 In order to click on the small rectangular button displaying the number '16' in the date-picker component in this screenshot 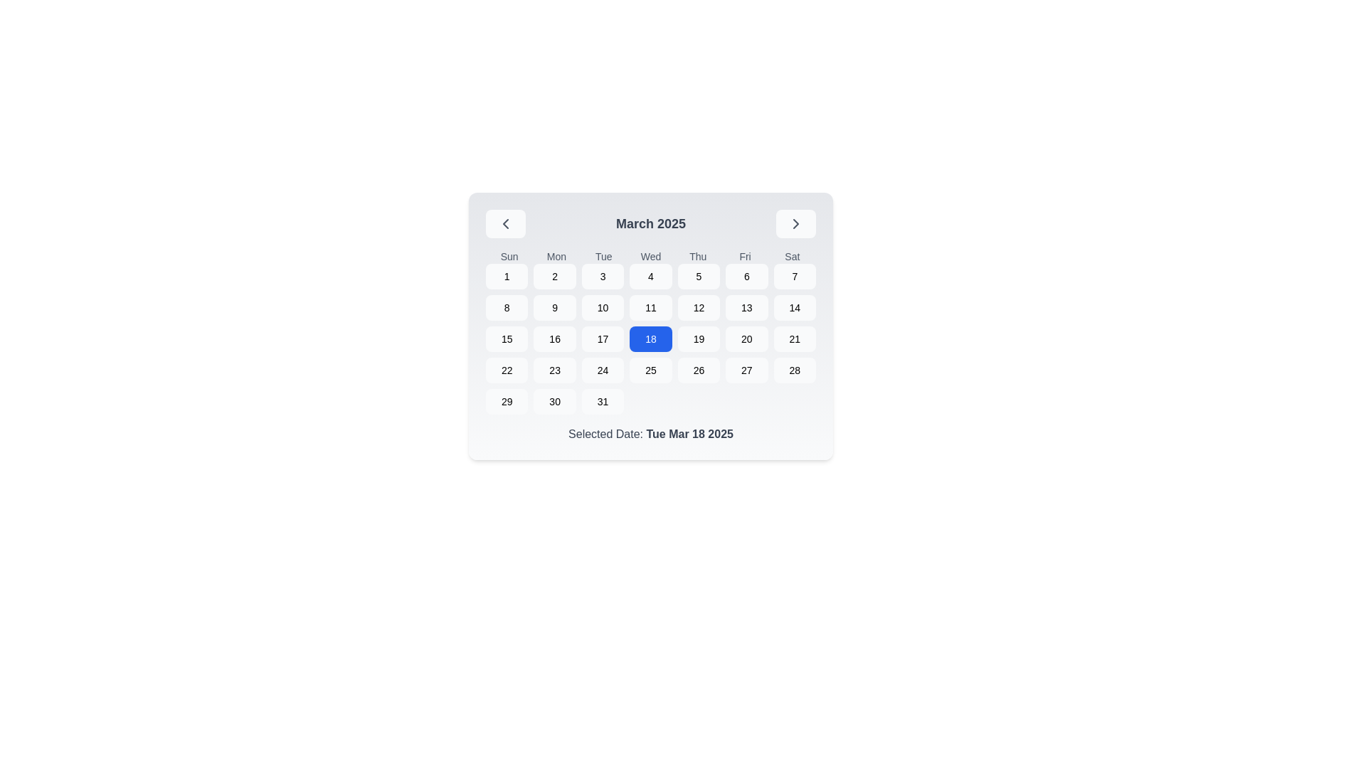, I will do `click(554, 339)`.